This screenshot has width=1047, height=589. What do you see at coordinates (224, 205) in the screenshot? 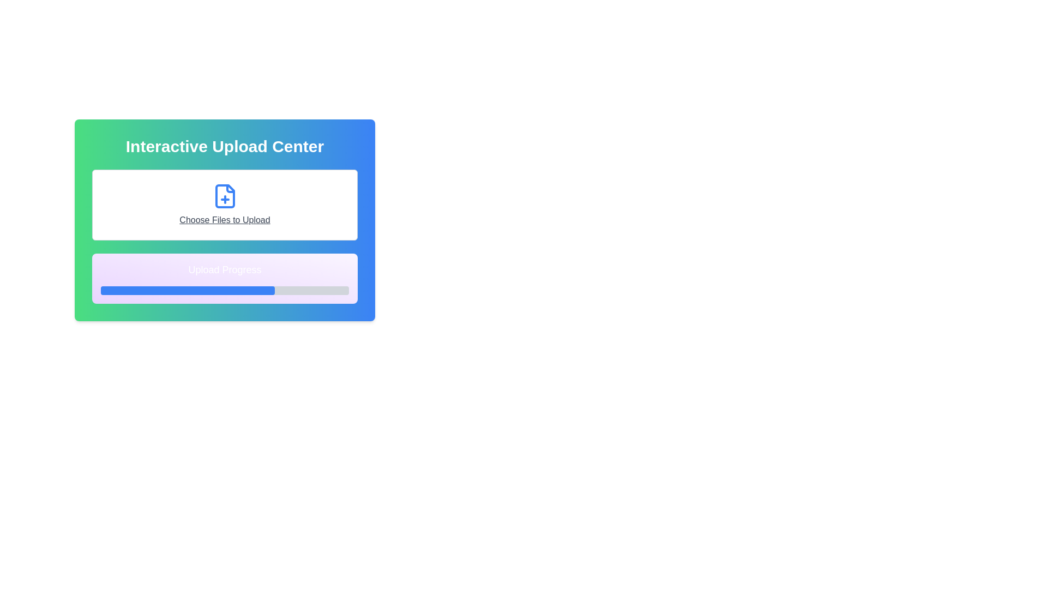
I see `the centered file-upload button with a blue file icon and the text 'Choose Files to Upload' underneath` at bounding box center [224, 205].